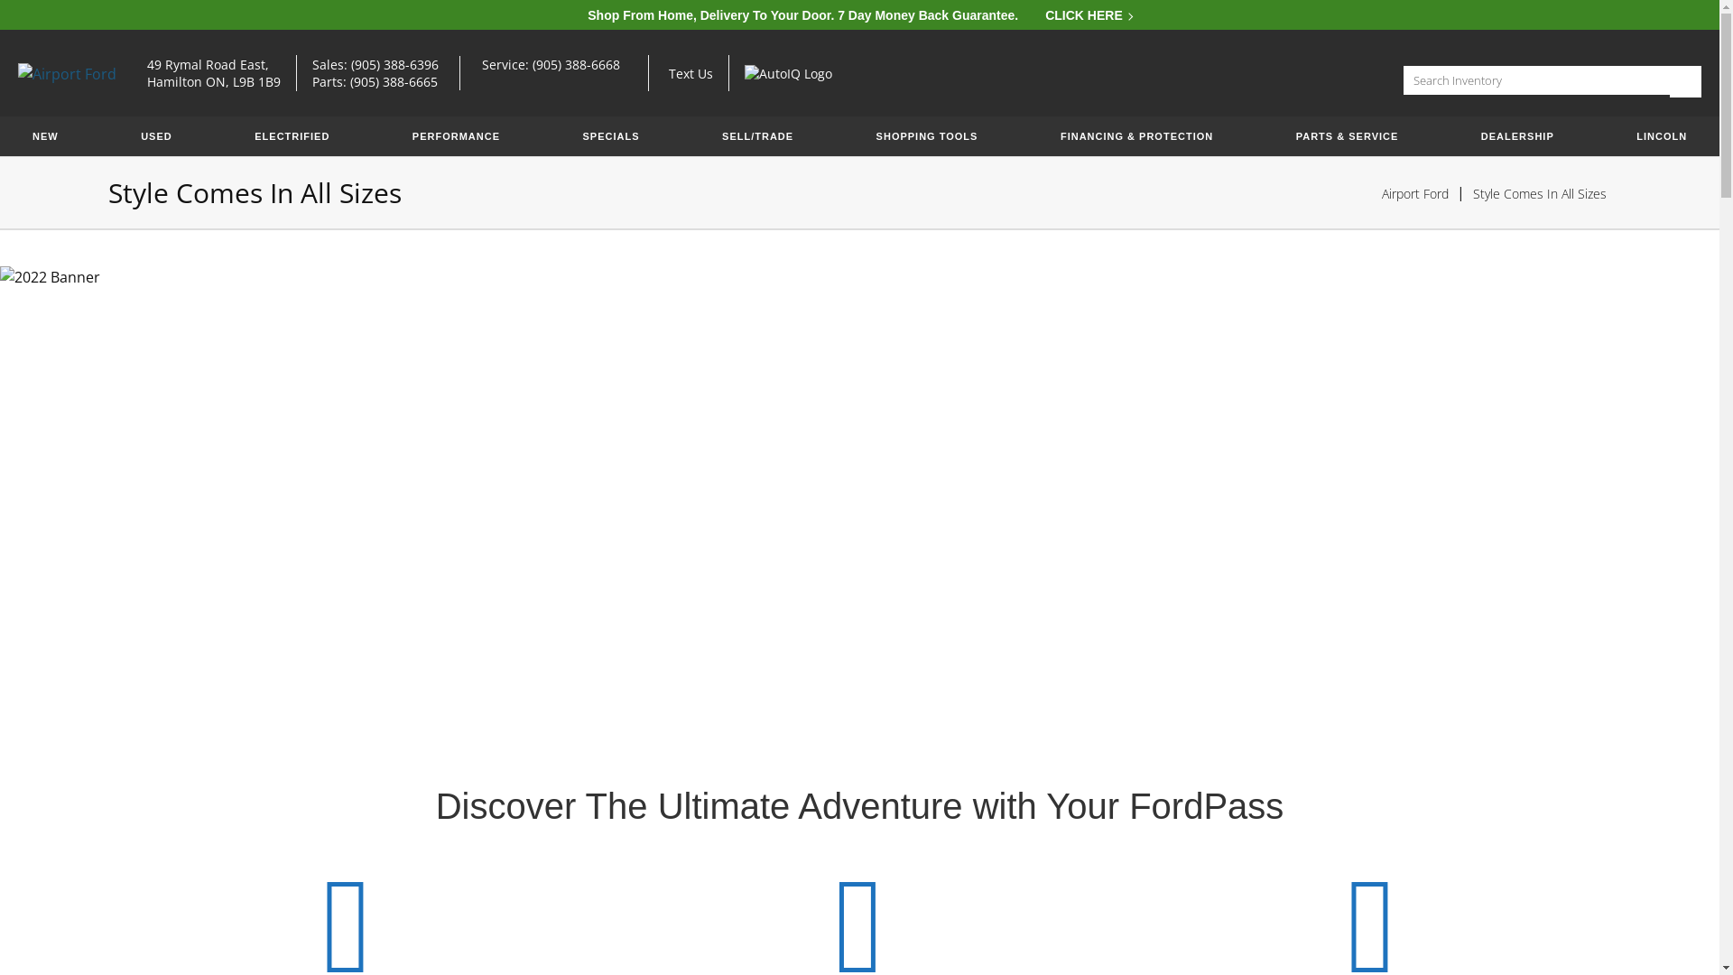  Describe the element at coordinates (17, 72) in the screenshot. I see `' Airport Ford'` at that location.